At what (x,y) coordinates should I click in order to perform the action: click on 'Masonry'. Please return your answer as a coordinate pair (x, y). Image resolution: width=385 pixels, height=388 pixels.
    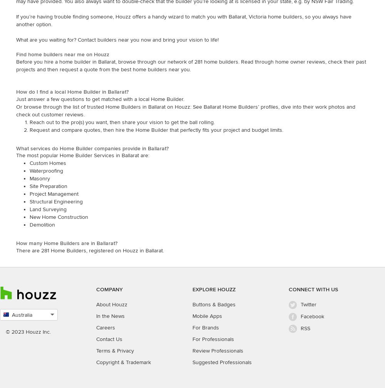
    Looking at the image, I should click on (29, 178).